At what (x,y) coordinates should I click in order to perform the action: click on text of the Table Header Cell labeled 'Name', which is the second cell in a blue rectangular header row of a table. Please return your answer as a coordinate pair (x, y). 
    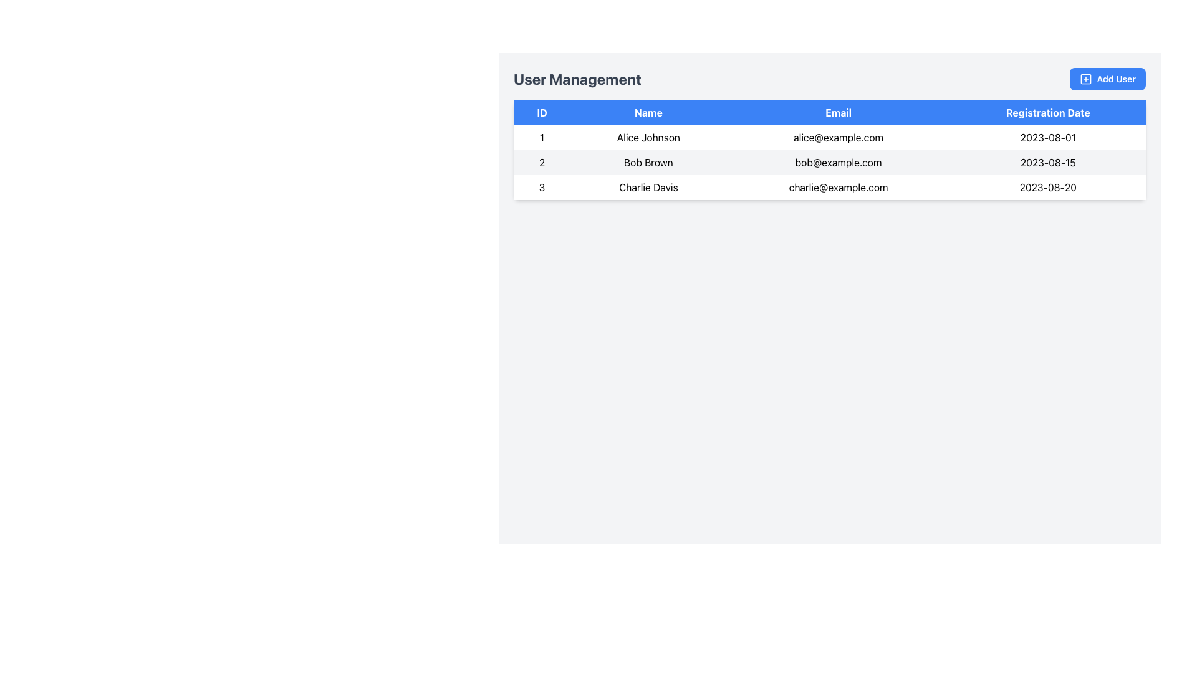
    Looking at the image, I should click on (648, 113).